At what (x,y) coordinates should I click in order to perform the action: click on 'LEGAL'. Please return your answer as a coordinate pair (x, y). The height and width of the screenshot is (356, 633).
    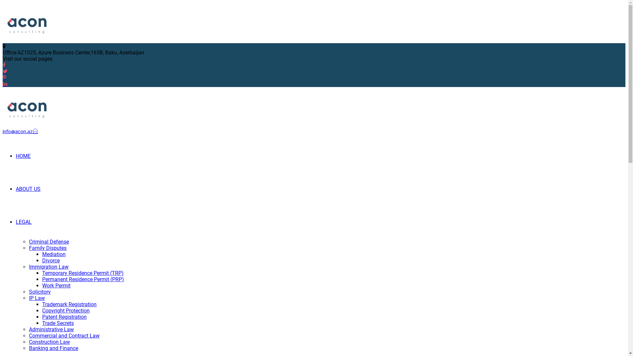
    Looking at the image, I should click on (16, 222).